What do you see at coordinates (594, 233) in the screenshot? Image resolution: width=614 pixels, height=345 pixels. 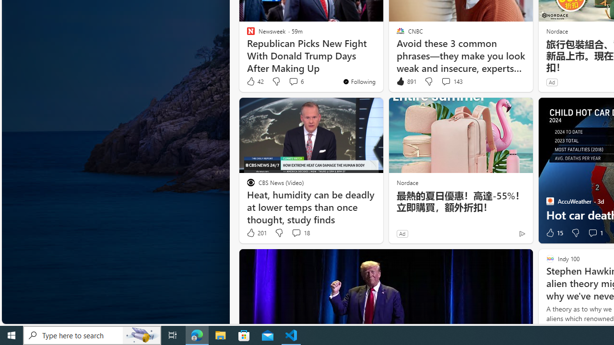 I see `'View comments 1 Comment'` at bounding box center [594, 233].